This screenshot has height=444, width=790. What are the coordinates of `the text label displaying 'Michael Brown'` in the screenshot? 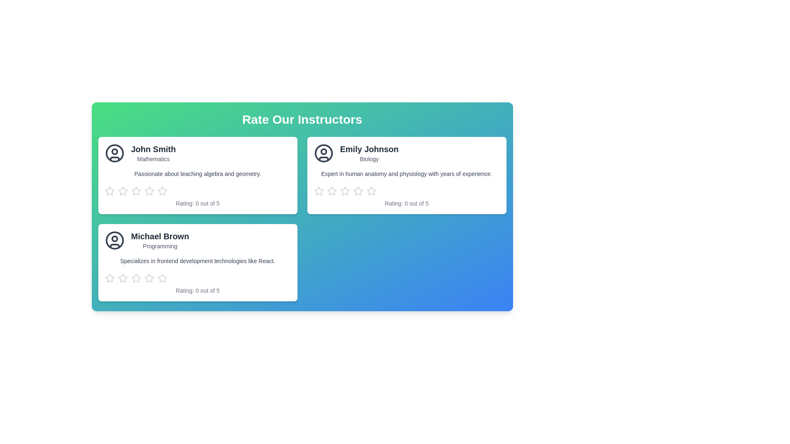 It's located at (160, 236).